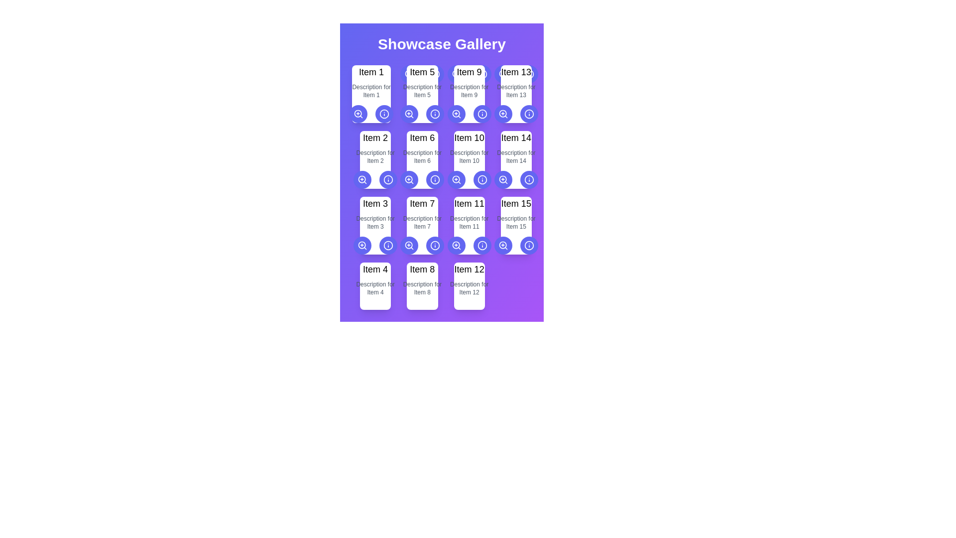  I want to click on the text label 'Description for Item 2' which is styled in a small gray font and located beneath the title 'Item 2' within a card layout, so click(375, 157).